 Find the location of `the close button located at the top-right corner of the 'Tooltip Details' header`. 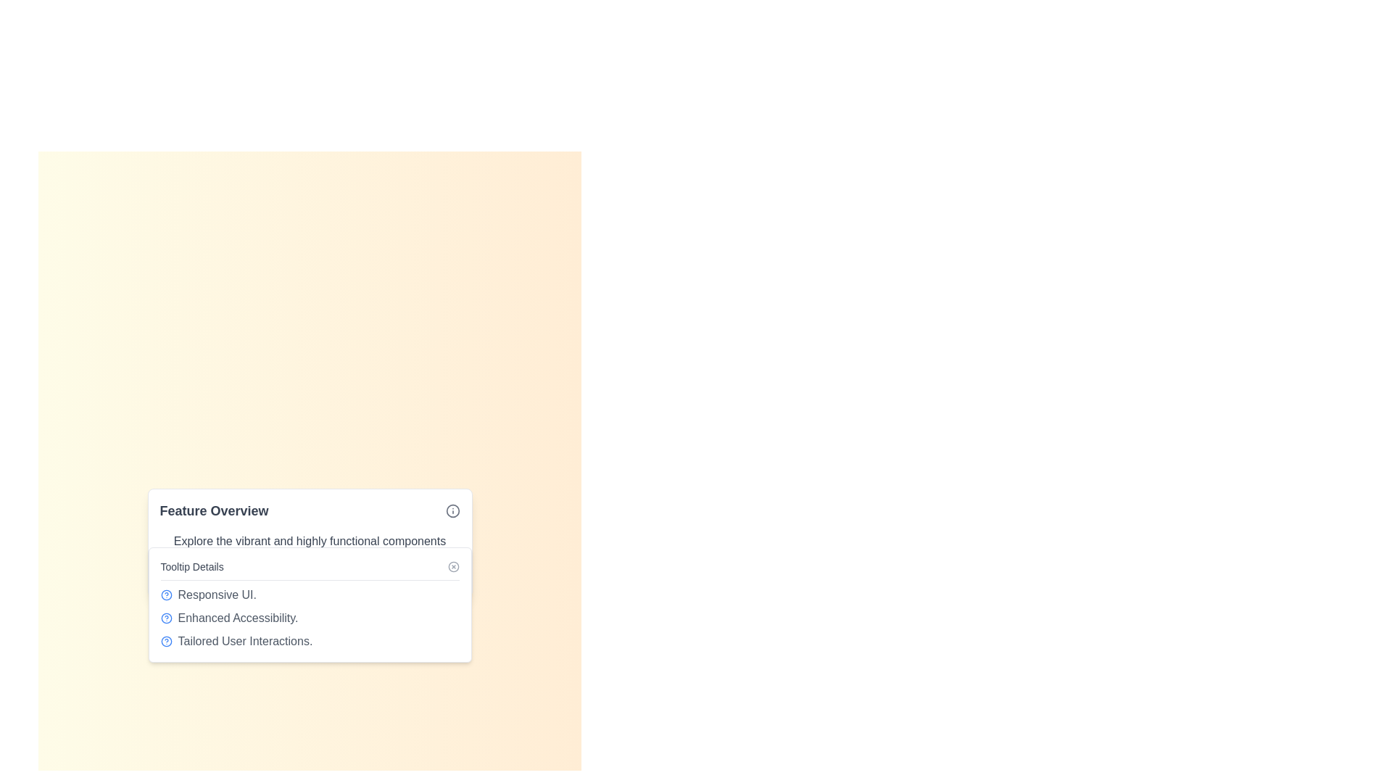

the close button located at the top-right corner of the 'Tooltip Details' header is located at coordinates (452, 566).